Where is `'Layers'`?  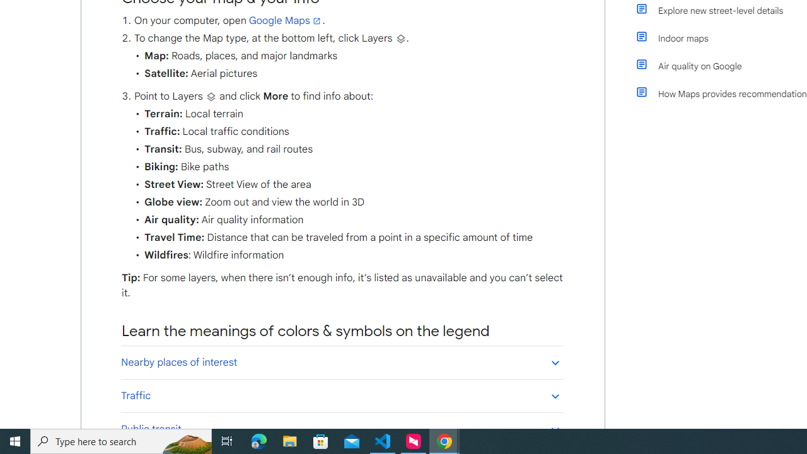 'Layers' is located at coordinates (211, 96).